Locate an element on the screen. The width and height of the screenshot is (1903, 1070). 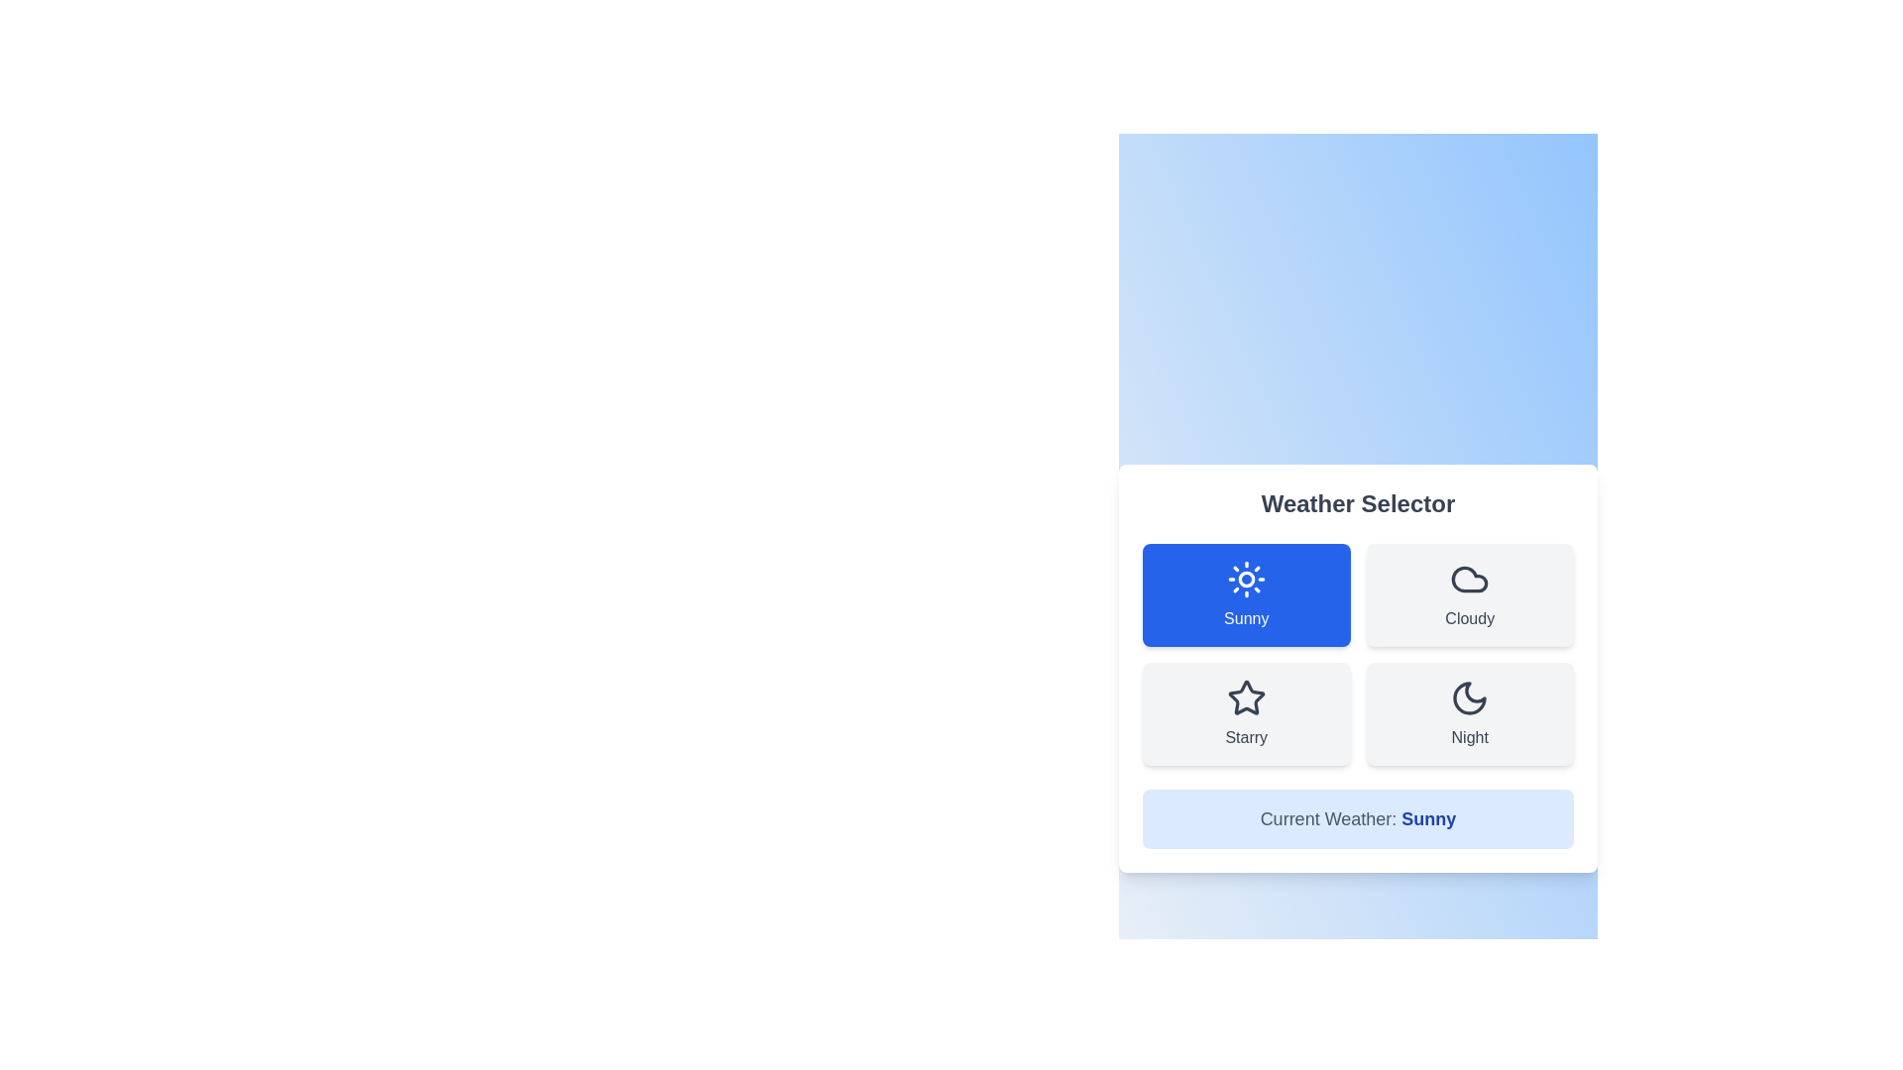
the button labeled Night to select it is located at coordinates (1470, 714).